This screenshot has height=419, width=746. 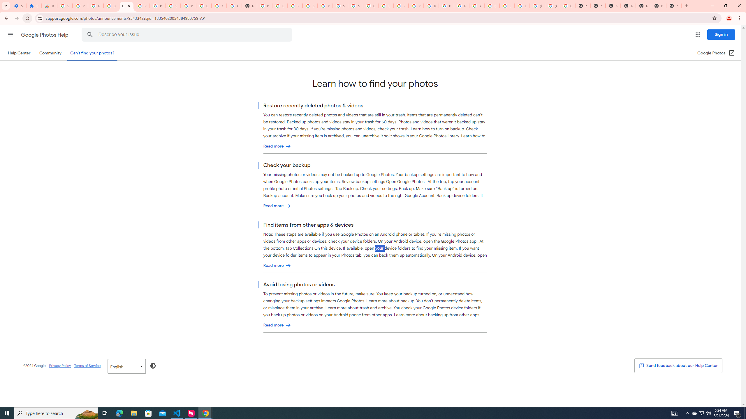 What do you see at coordinates (90, 34) in the screenshot?
I see `'Search Help Center'` at bounding box center [90, 34].